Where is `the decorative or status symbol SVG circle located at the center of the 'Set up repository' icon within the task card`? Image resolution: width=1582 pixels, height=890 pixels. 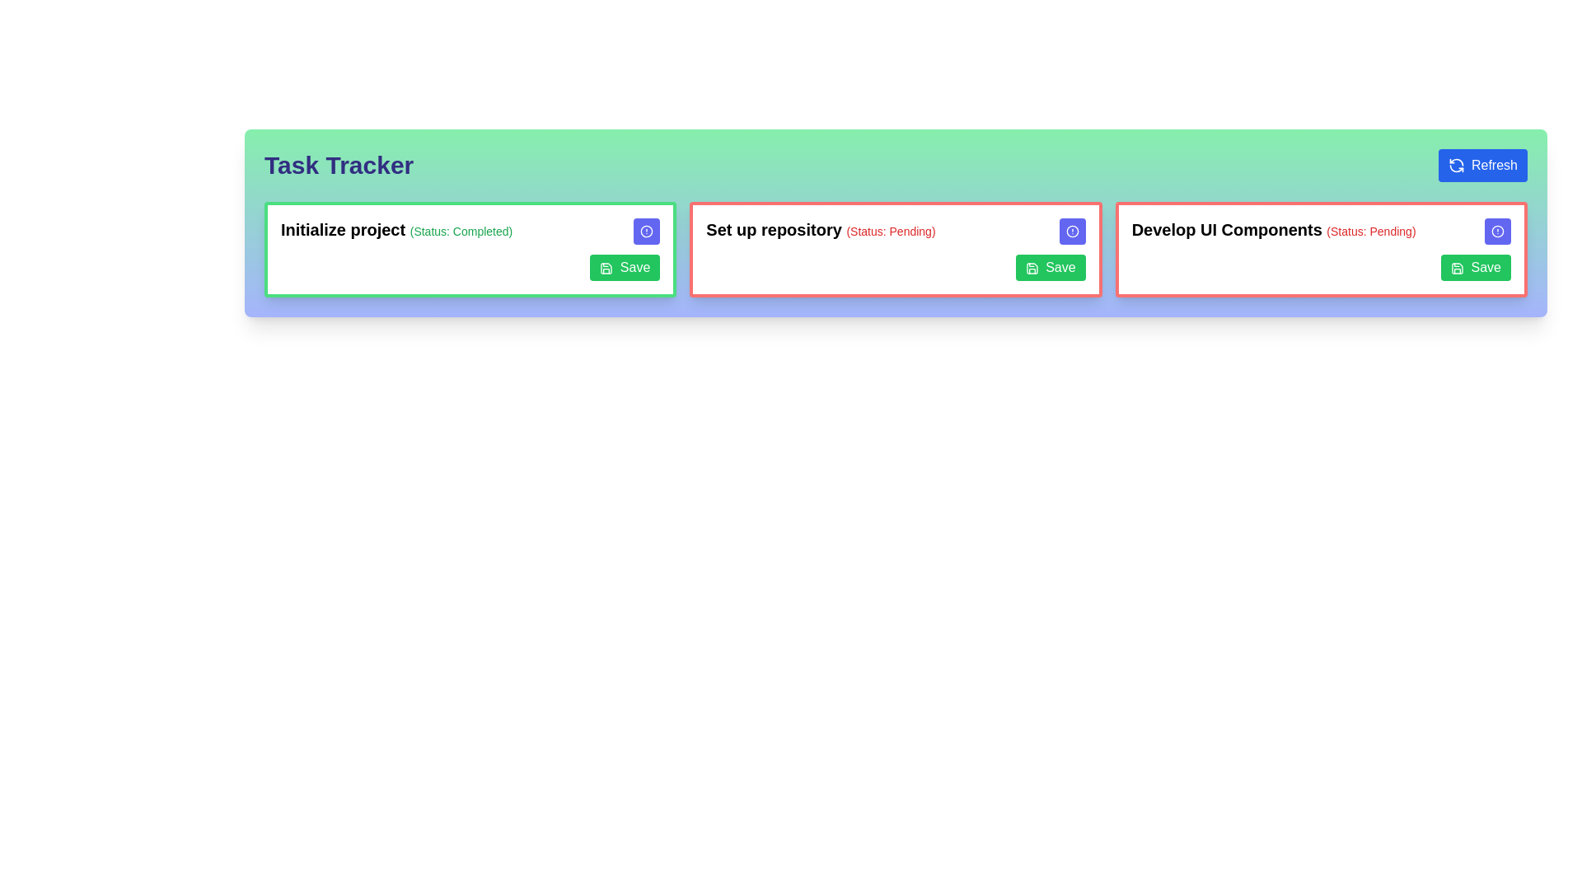 the decorative or status symbol SVG circle located at the center of the 'Set up repository' icon within the task card is located at coordinates (1072, 232).